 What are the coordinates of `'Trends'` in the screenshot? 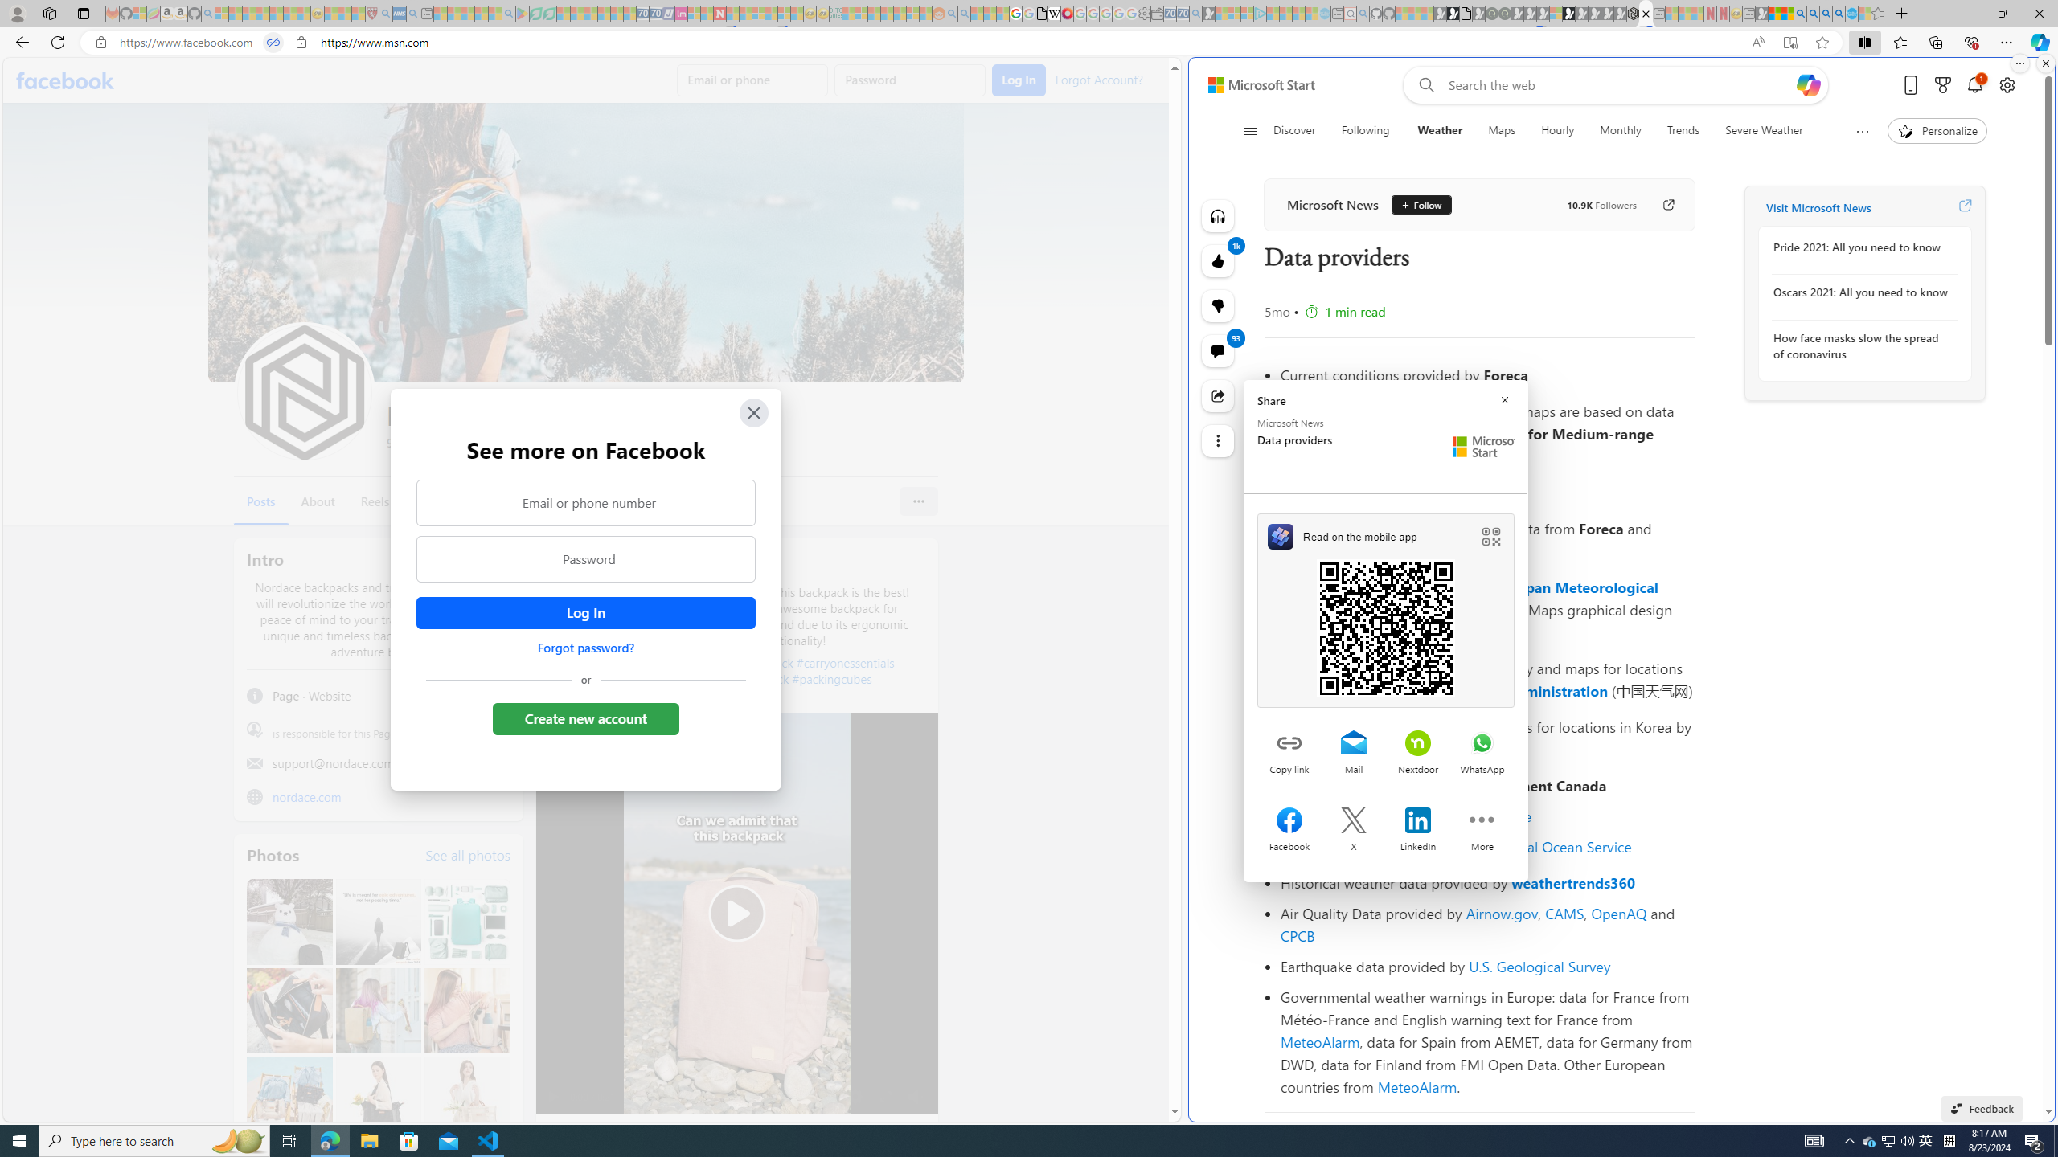 It's located at (1683, 130).